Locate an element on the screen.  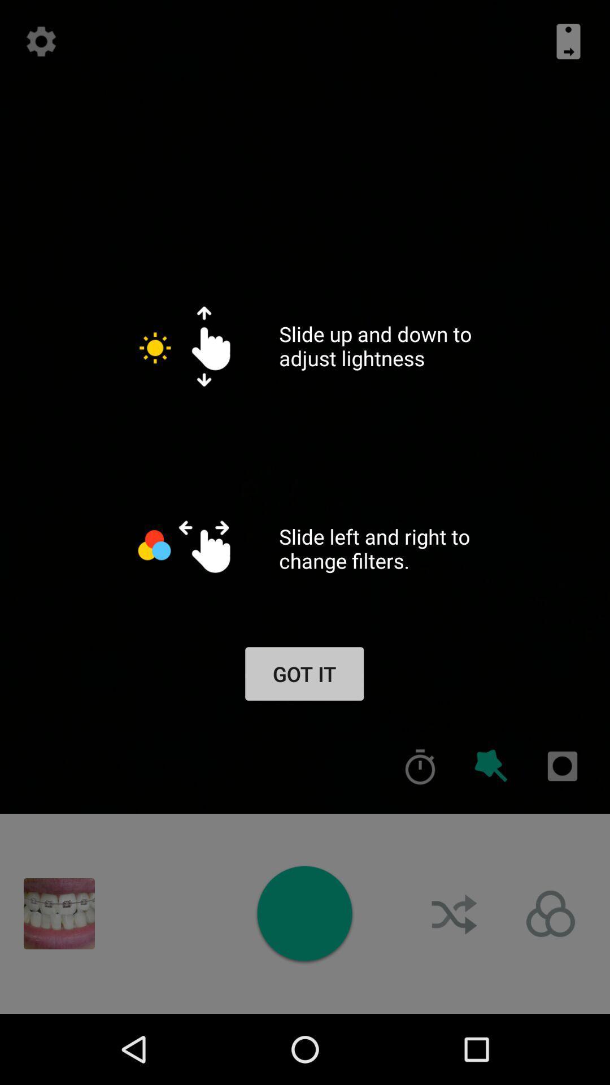
app below the slide left and is located at coordinates (304, 674).